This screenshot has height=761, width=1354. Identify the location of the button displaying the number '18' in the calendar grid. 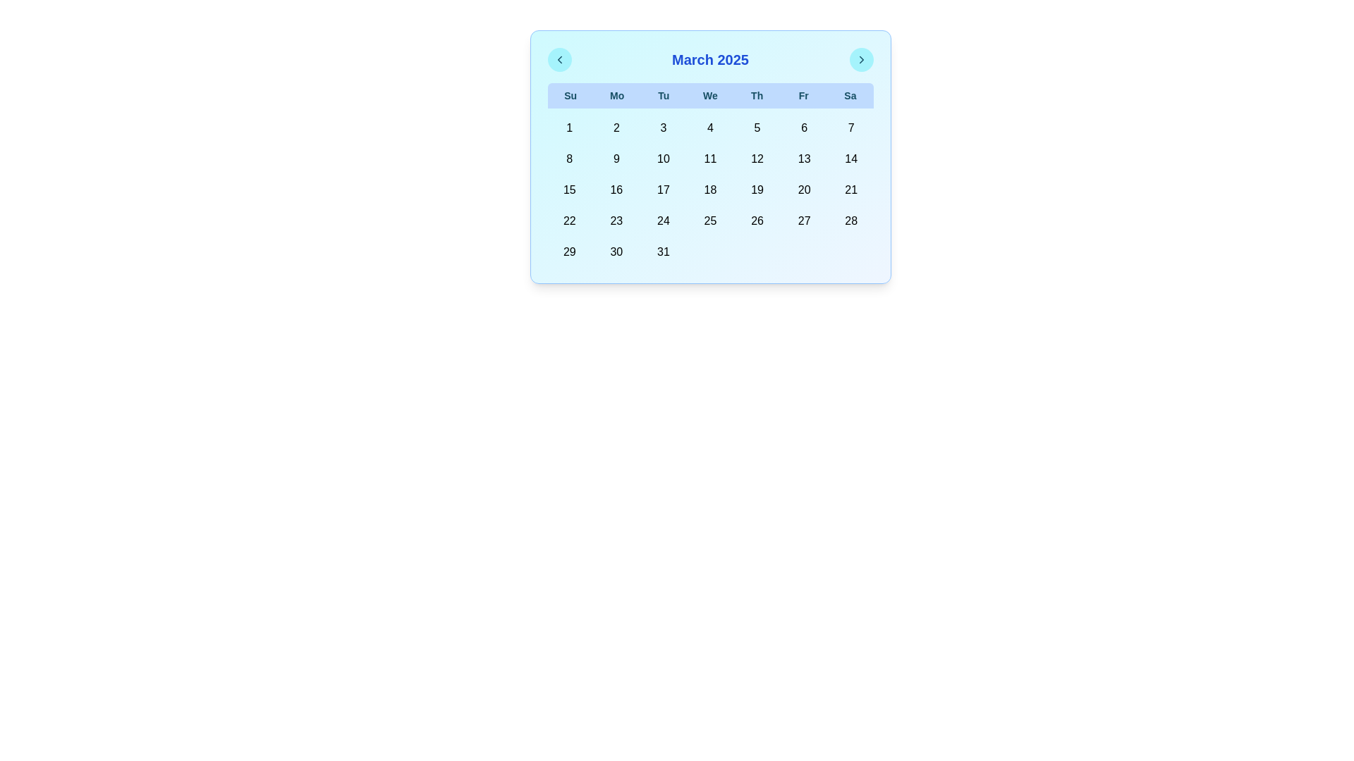
(710, 190).